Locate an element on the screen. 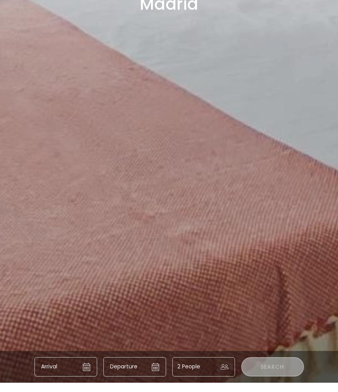  'Travelers' is located at coordinates (230, 237).